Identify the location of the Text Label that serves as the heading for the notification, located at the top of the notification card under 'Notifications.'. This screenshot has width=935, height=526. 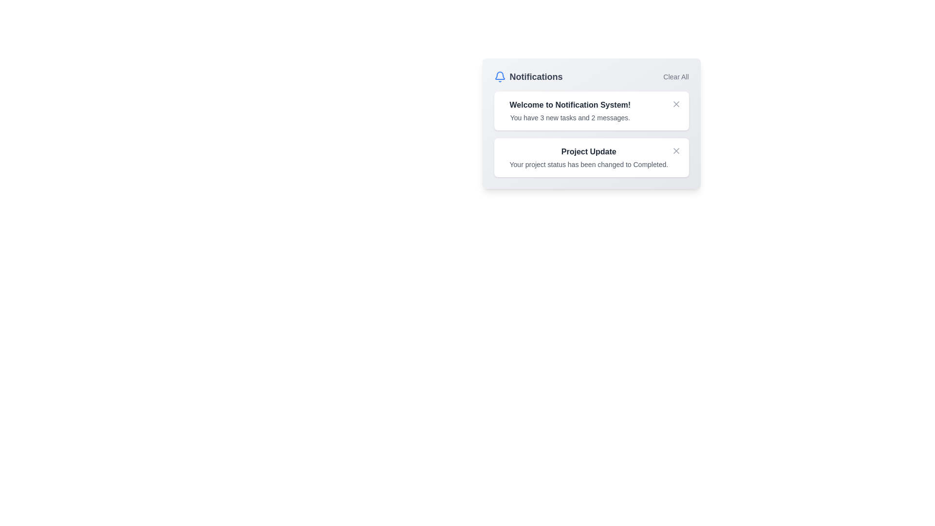
(588, 152).